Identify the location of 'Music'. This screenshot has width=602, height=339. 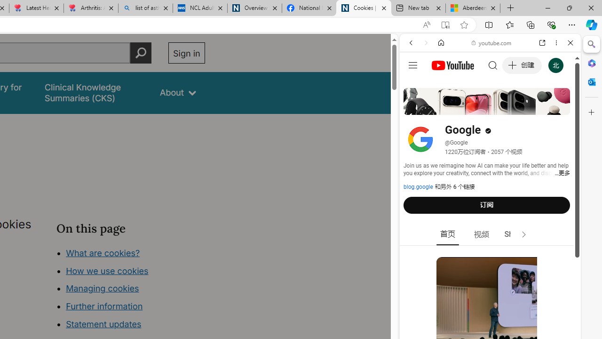
(490, 256).